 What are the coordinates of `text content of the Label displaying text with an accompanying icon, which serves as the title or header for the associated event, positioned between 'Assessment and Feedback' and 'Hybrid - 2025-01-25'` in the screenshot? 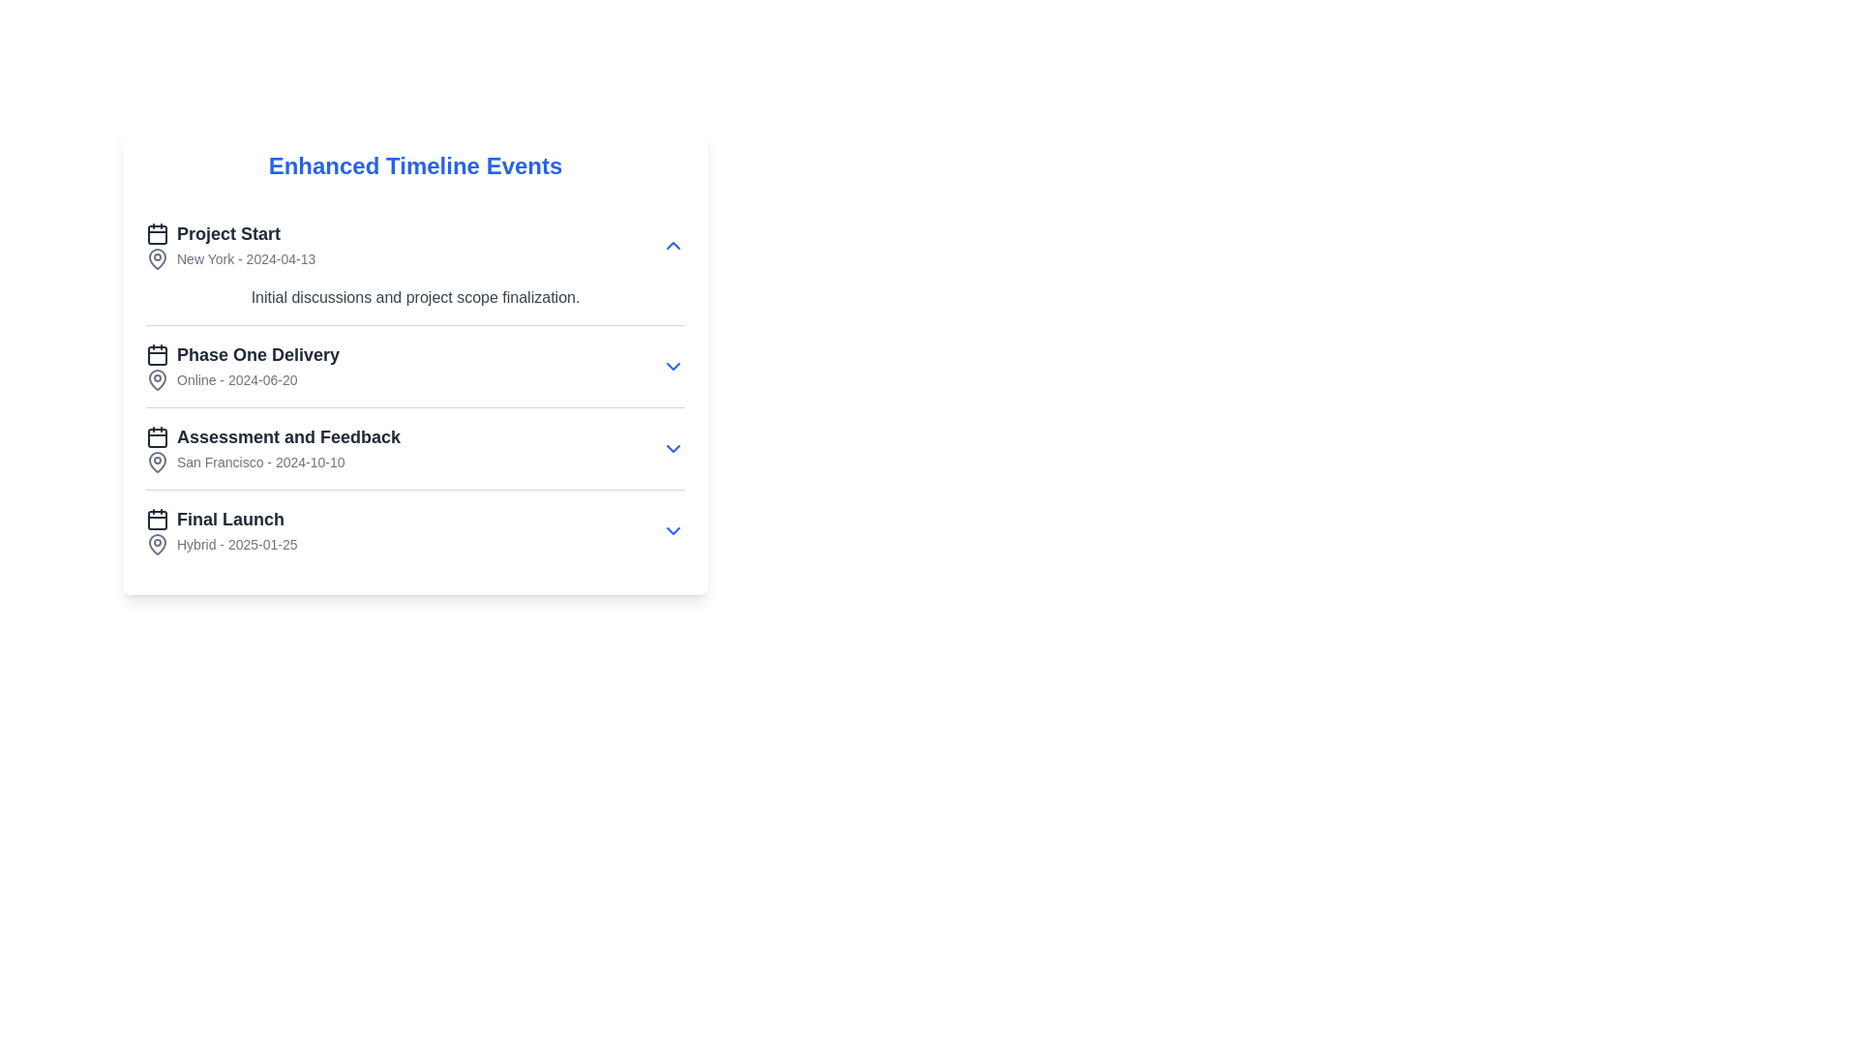 It's located at (222, 518).